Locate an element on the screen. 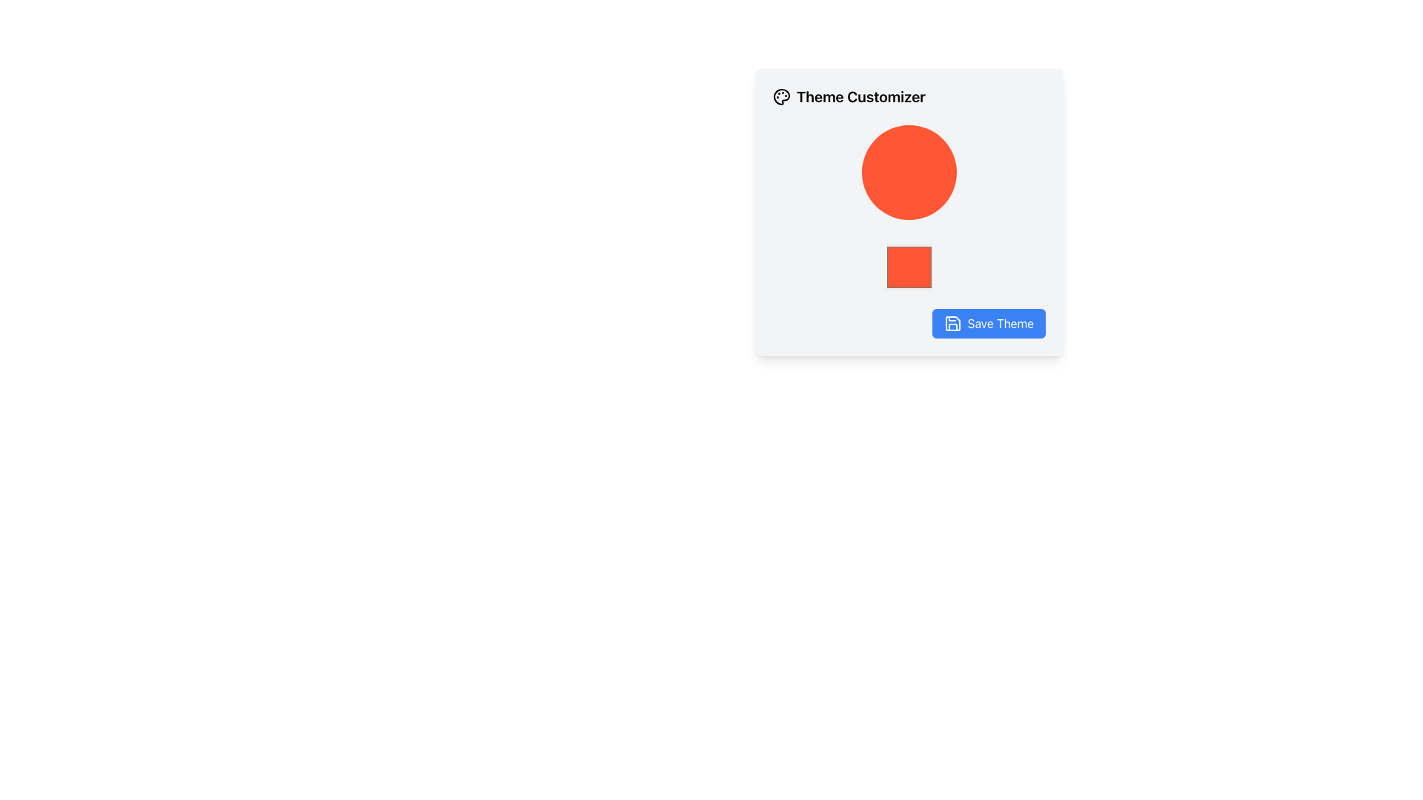 The width and height of the screenshot is (1423, 800). text from the title or header element located at the top-left corner of the card-like section, above the large orange circle is located at coordinates (909, 97).